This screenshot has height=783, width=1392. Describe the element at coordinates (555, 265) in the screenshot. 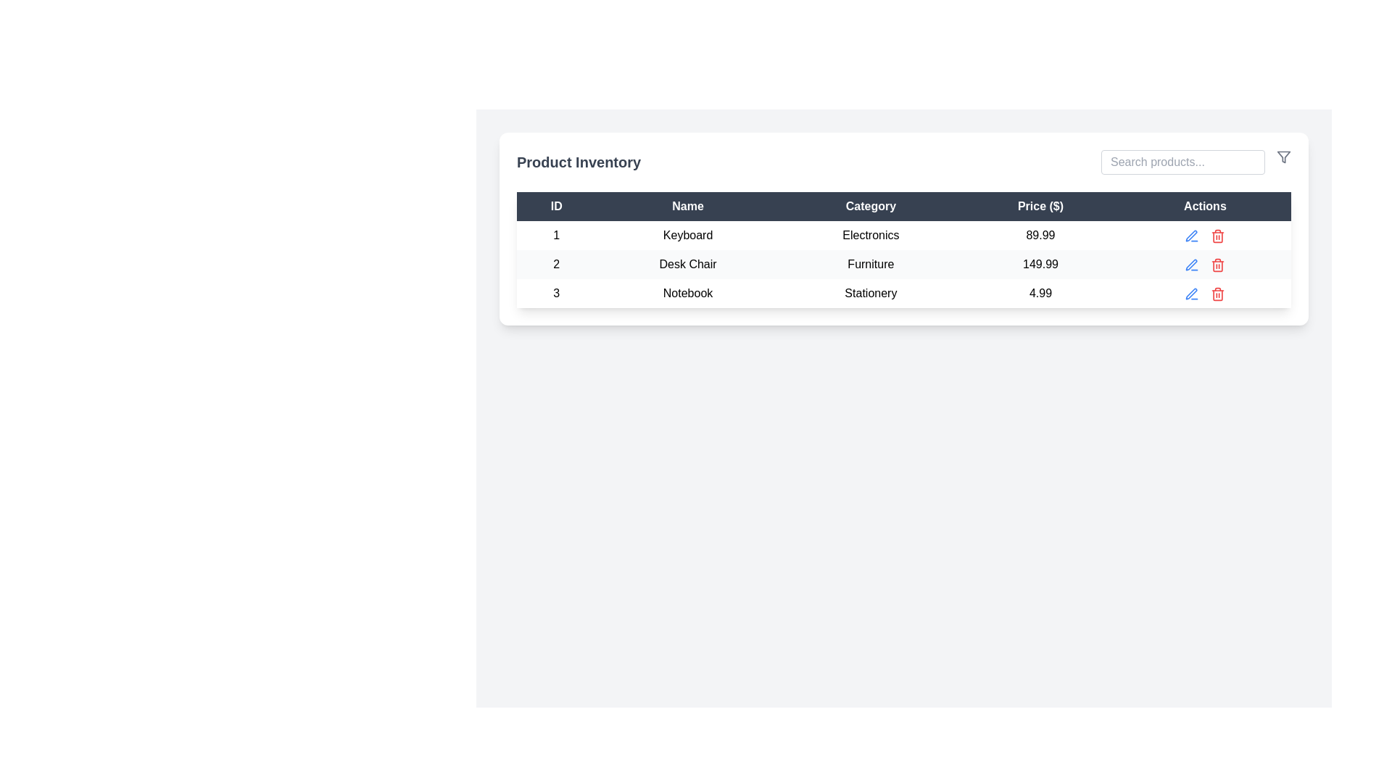

I see `the text label in the first cell of the second row in the table beneath the 'ID' column` at that location.